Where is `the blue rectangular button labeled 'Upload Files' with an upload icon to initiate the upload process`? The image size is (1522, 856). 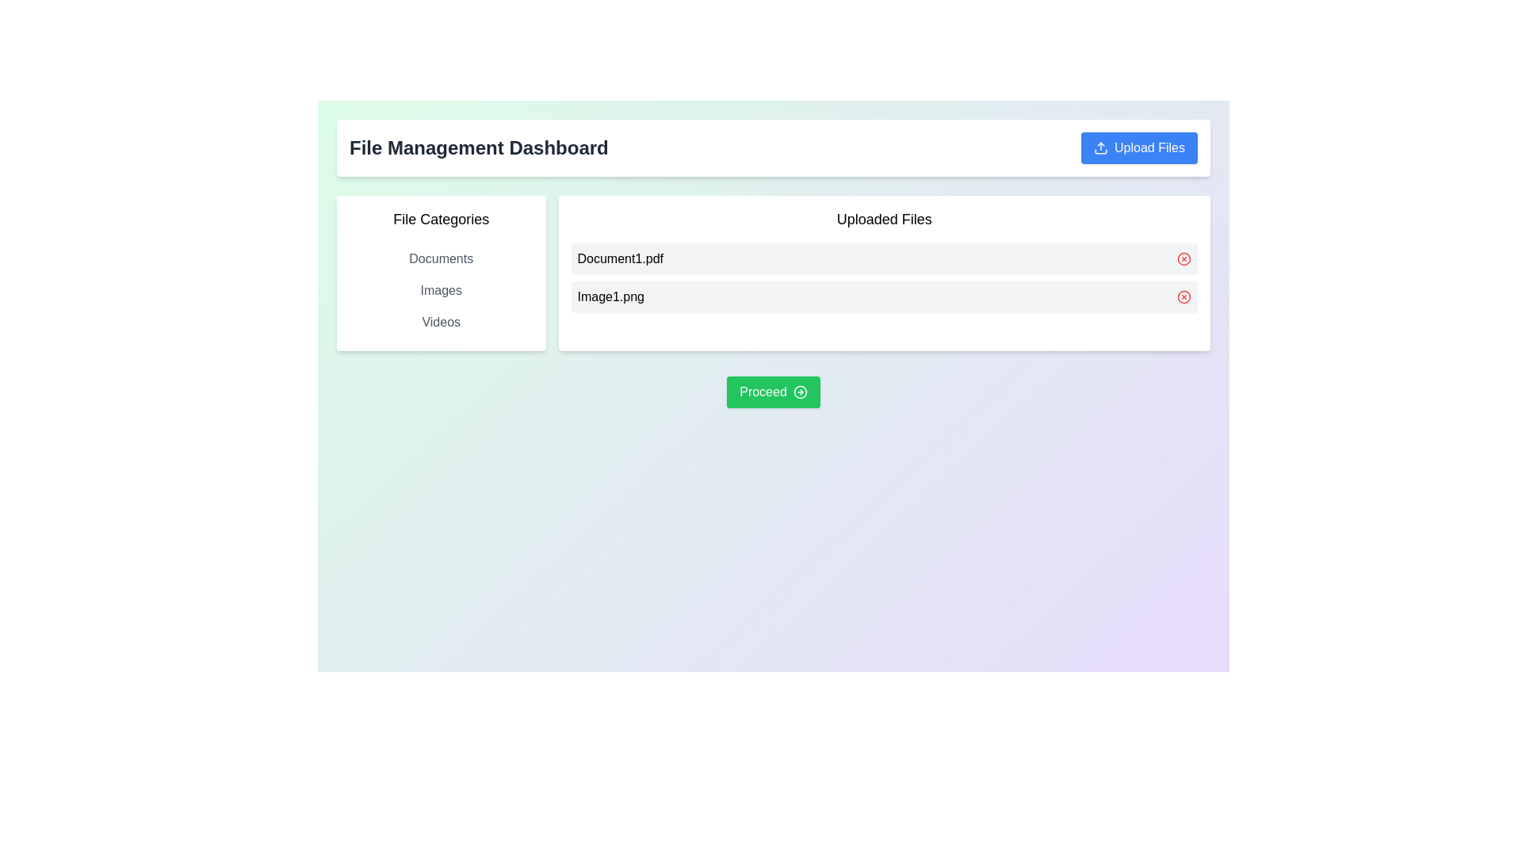
the blue rectangular button labeled 'Upload Files' with an upload icon to initiate the upload process is located at coordinates (1138, 147).